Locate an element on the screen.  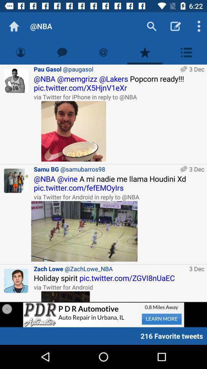
open link is located at coordinates (66, 296).